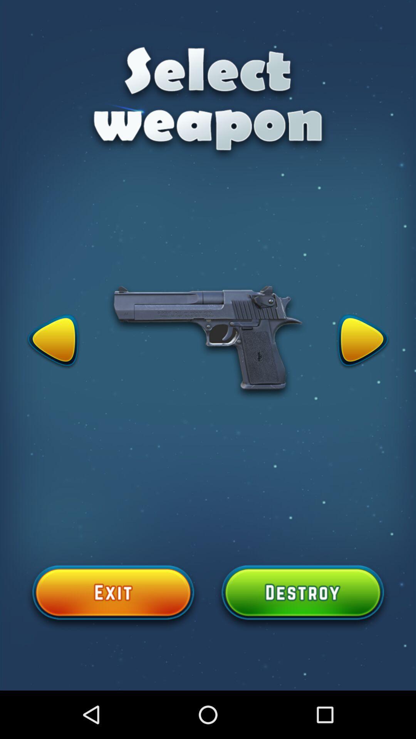 The height and width of the screenshot is (739, 416). What do you see at coordinates (302, 597) in the screenshot?
I see `choose weapon` at bounding box center [302, 597].